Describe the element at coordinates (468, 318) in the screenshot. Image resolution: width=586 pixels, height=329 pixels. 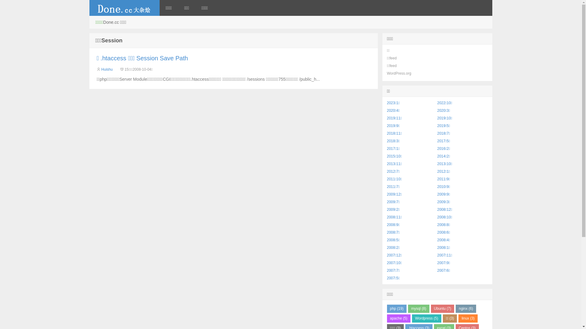
I see `'linux (3)'` at that location.